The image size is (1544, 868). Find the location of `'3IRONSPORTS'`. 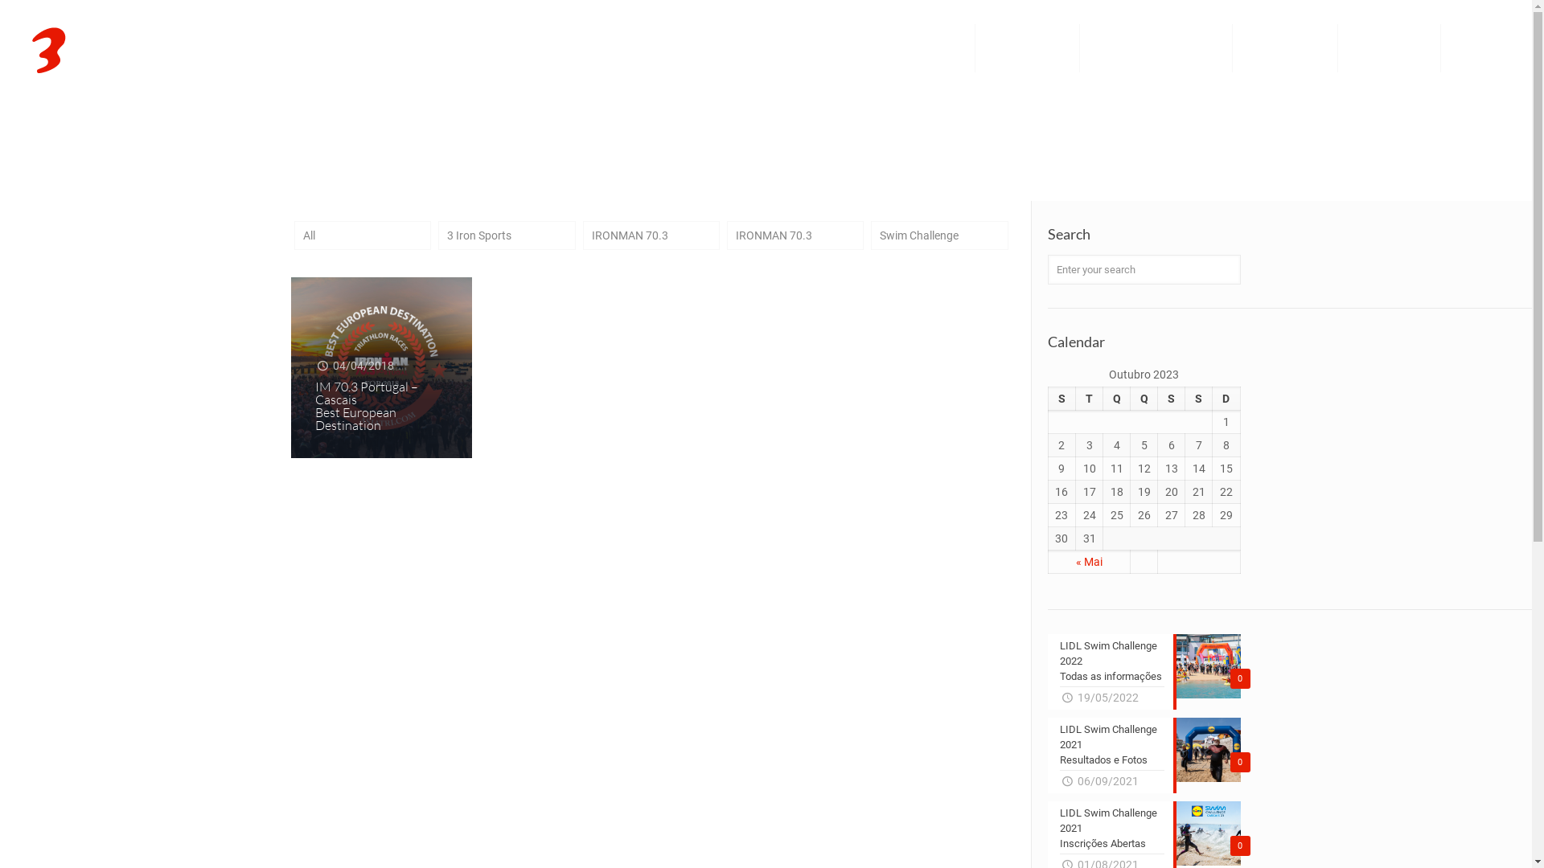

'3IRONSPORTS' is located at coordinates (889, 47).